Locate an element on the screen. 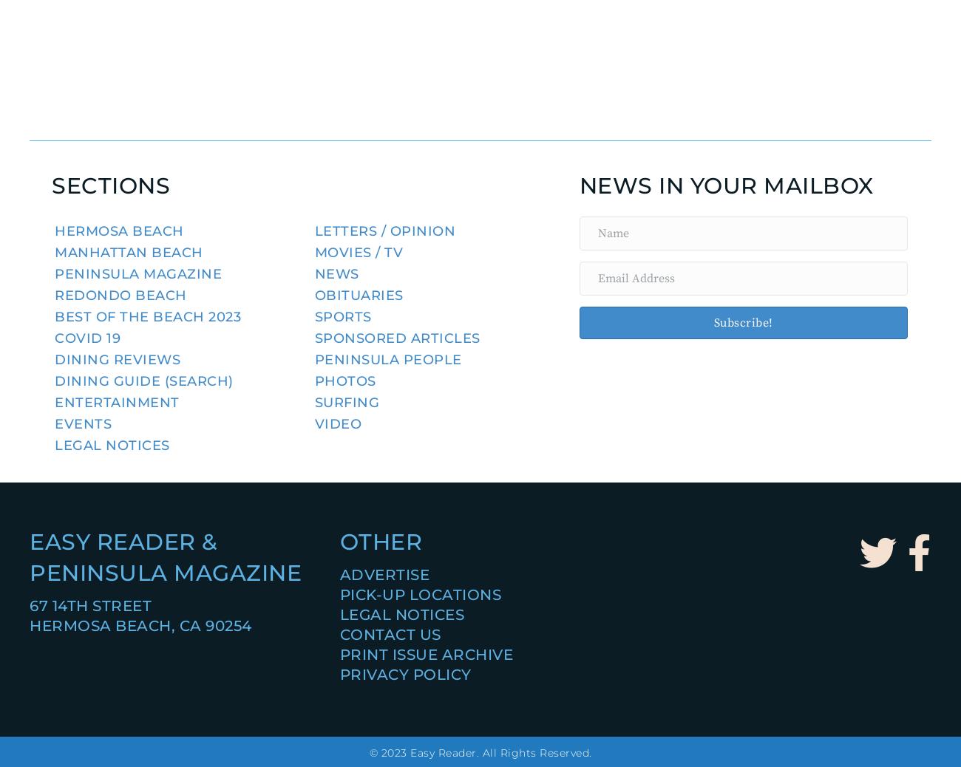 Image resolution: width=961 pixels, height=767 pixels. '© 2023 Easy Reader. All Rights Reserved.' is located at coordinates (480, 753).